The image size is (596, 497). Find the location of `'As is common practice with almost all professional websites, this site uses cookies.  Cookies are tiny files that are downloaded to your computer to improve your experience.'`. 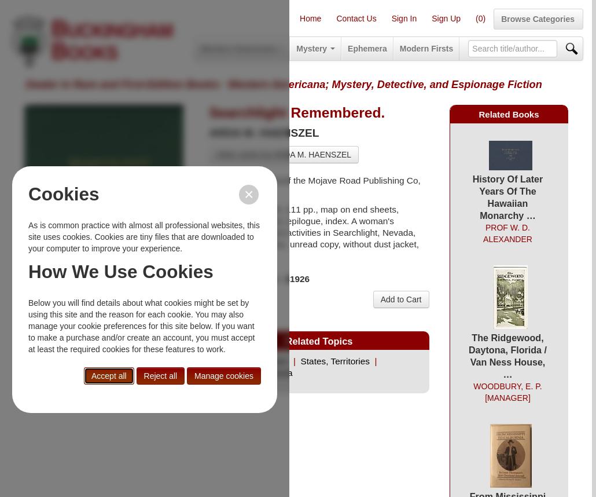

'As is common practice with almost all professional websites, this site uses cookies.  Cookies are tiny files that are downloaded to your computer to improve your experience.' is located at coordinates (144, 236).